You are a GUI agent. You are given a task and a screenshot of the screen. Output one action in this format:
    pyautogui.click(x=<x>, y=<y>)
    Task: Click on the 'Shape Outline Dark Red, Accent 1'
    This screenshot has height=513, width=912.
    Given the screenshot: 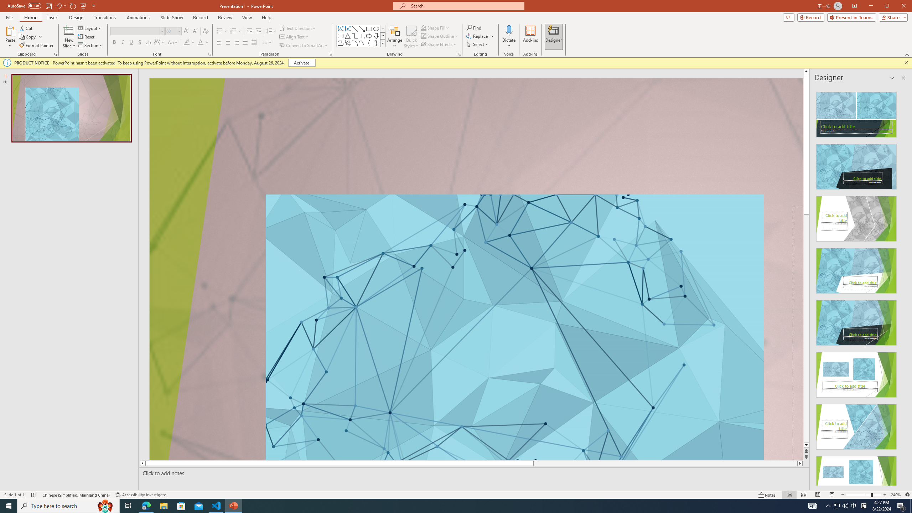 What is the action you would take?
    pyautogui.click(x=424, y=35)
    